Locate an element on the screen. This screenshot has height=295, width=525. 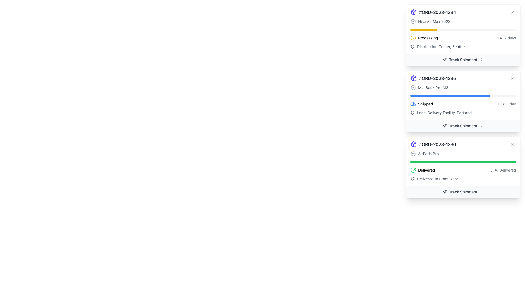
the Progress bar located in the second card labeled '#ORD-2023-1235', positioned between 'MacBook Pro M2' and 'Shipped ETA: 1 day' is located at coordinates (463, 95).